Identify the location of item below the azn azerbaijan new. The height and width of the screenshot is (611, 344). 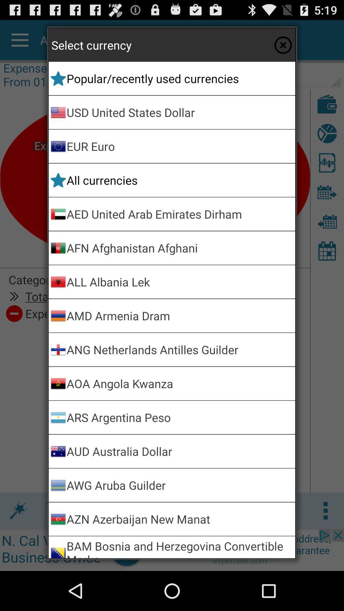
(180, 547).